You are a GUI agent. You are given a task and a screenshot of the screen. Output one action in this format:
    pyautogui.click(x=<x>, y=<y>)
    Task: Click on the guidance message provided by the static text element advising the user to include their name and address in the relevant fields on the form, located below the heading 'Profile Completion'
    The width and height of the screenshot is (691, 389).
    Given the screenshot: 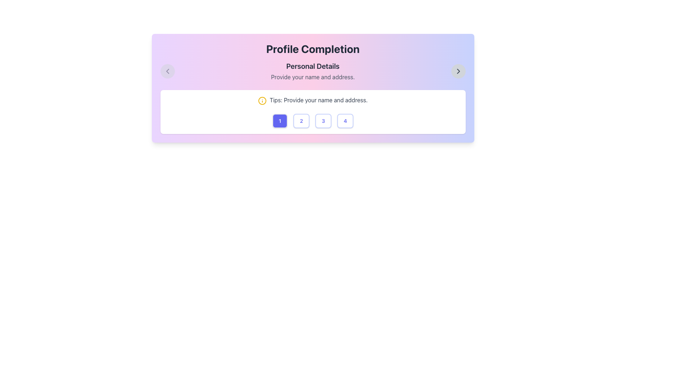 What is the action you would take?
    pyautogui.click(x=313, y=100)
    